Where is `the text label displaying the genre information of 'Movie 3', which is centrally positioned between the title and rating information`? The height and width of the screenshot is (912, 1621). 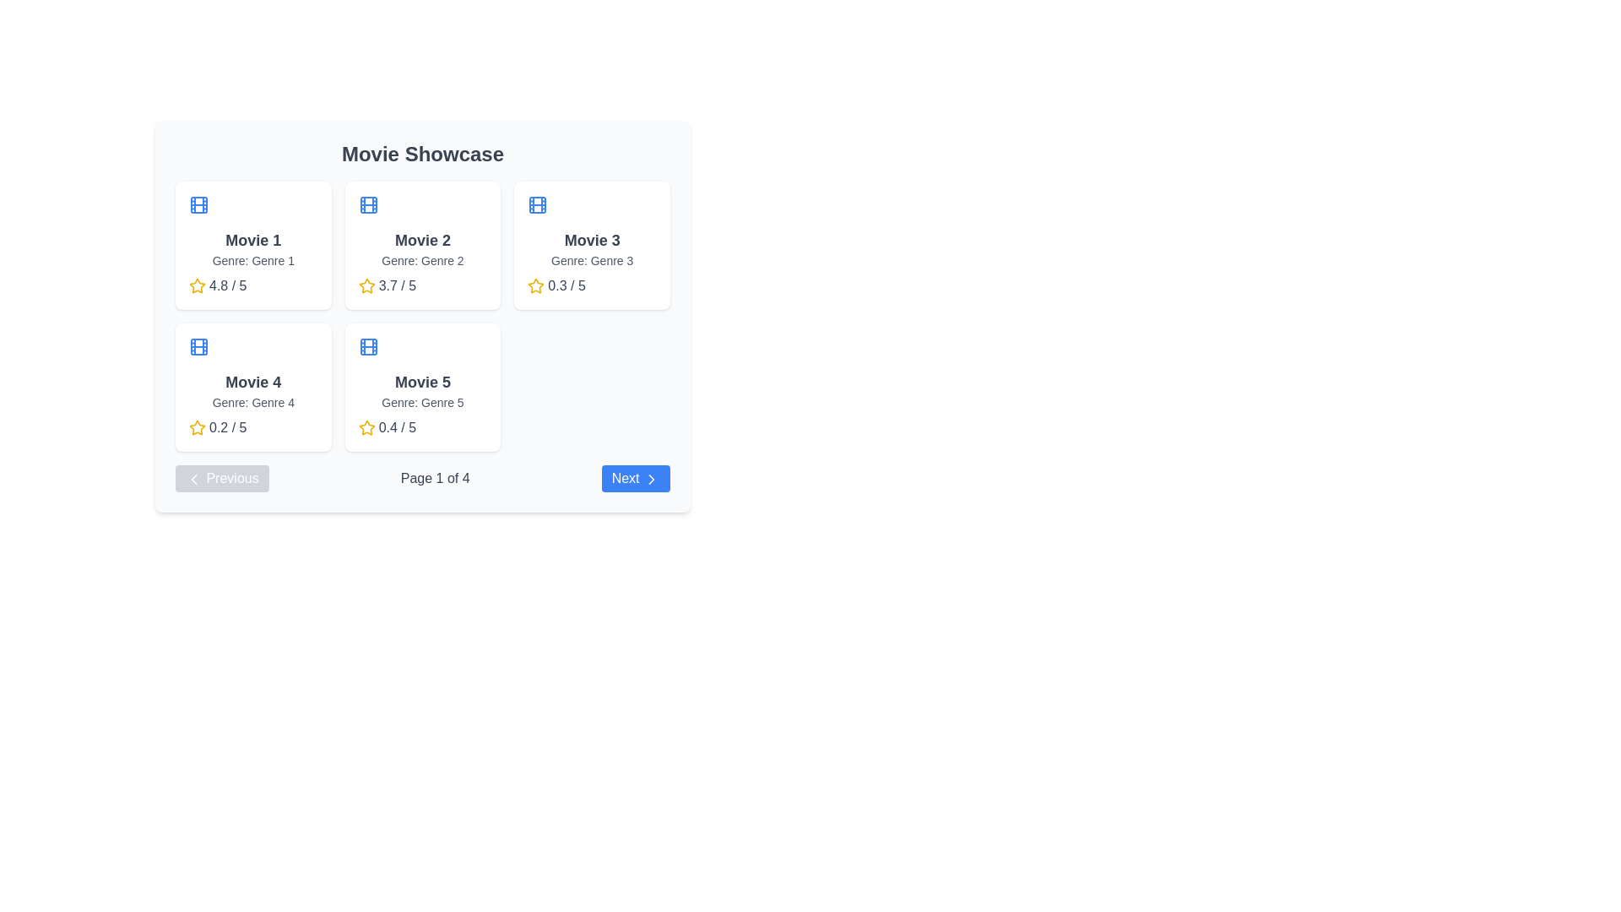
the text label displaying the genre information of 'Movie 3', which is centrally positioned between the title and rating information is located at coordinates (592, 260).